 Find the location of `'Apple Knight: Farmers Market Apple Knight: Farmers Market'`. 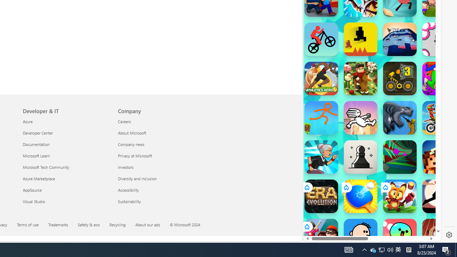

'Apple Knight: Farmers Market Apple Knight: Farmers Market' is located at coordinates (360, 78).